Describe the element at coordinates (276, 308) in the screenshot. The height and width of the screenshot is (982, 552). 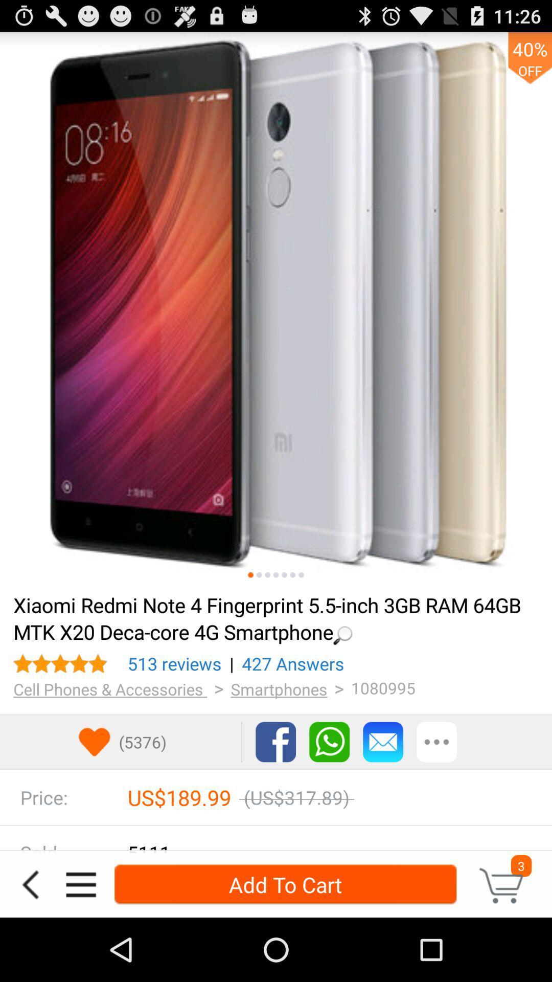
I see `product image` at that location.